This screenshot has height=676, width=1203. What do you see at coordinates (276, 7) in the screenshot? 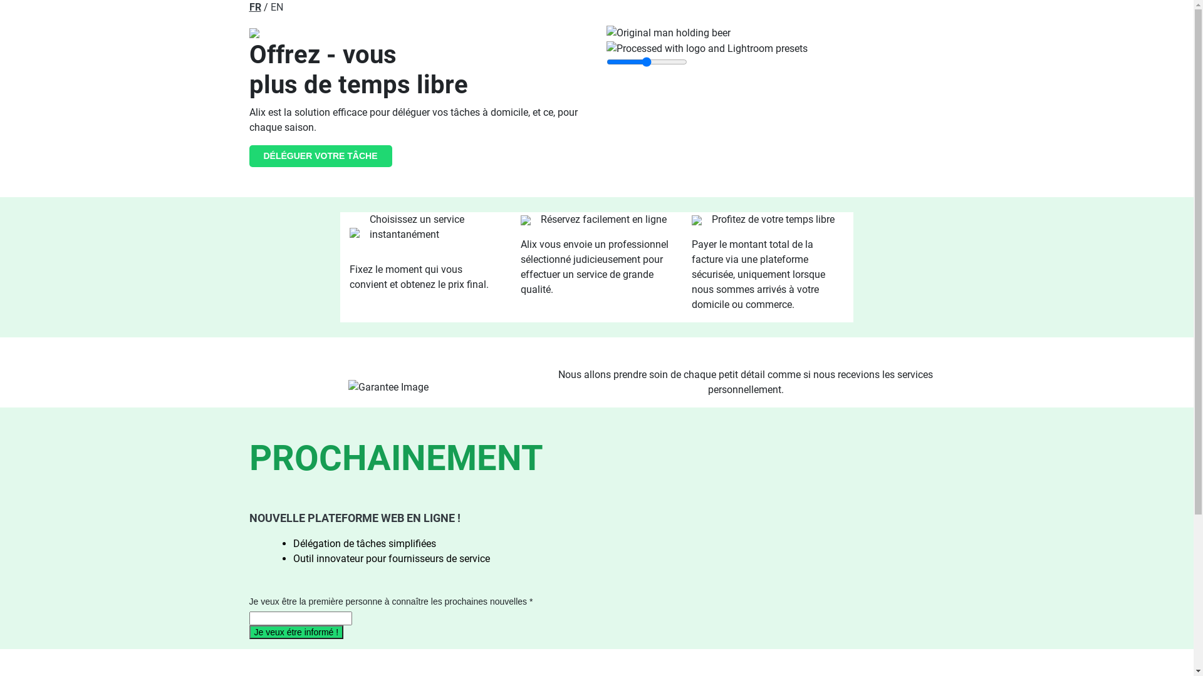
I see `'EN'` at bounding box center [276, 7].